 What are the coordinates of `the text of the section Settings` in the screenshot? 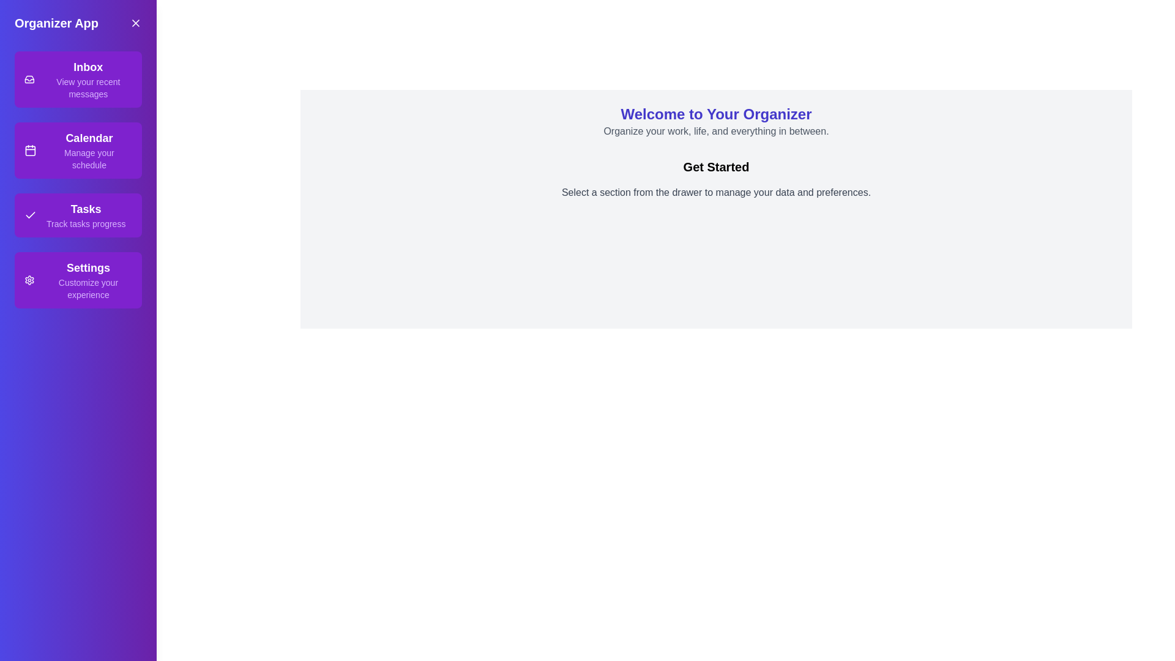 It's located at (78, 280).